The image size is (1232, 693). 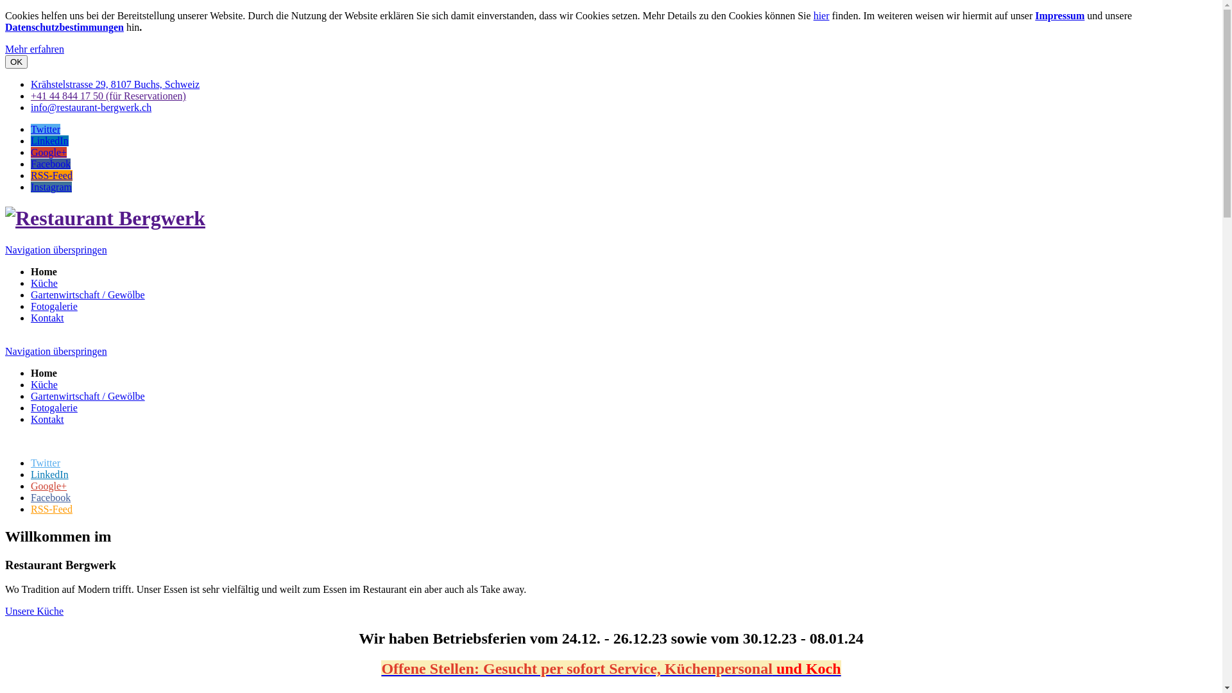 I want to click on 'Facebook', so click(x=50, y=163).